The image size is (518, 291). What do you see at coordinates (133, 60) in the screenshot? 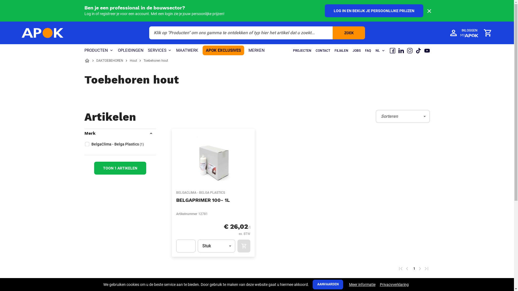
I see `'Hout'` at bounding box center [133, 60].